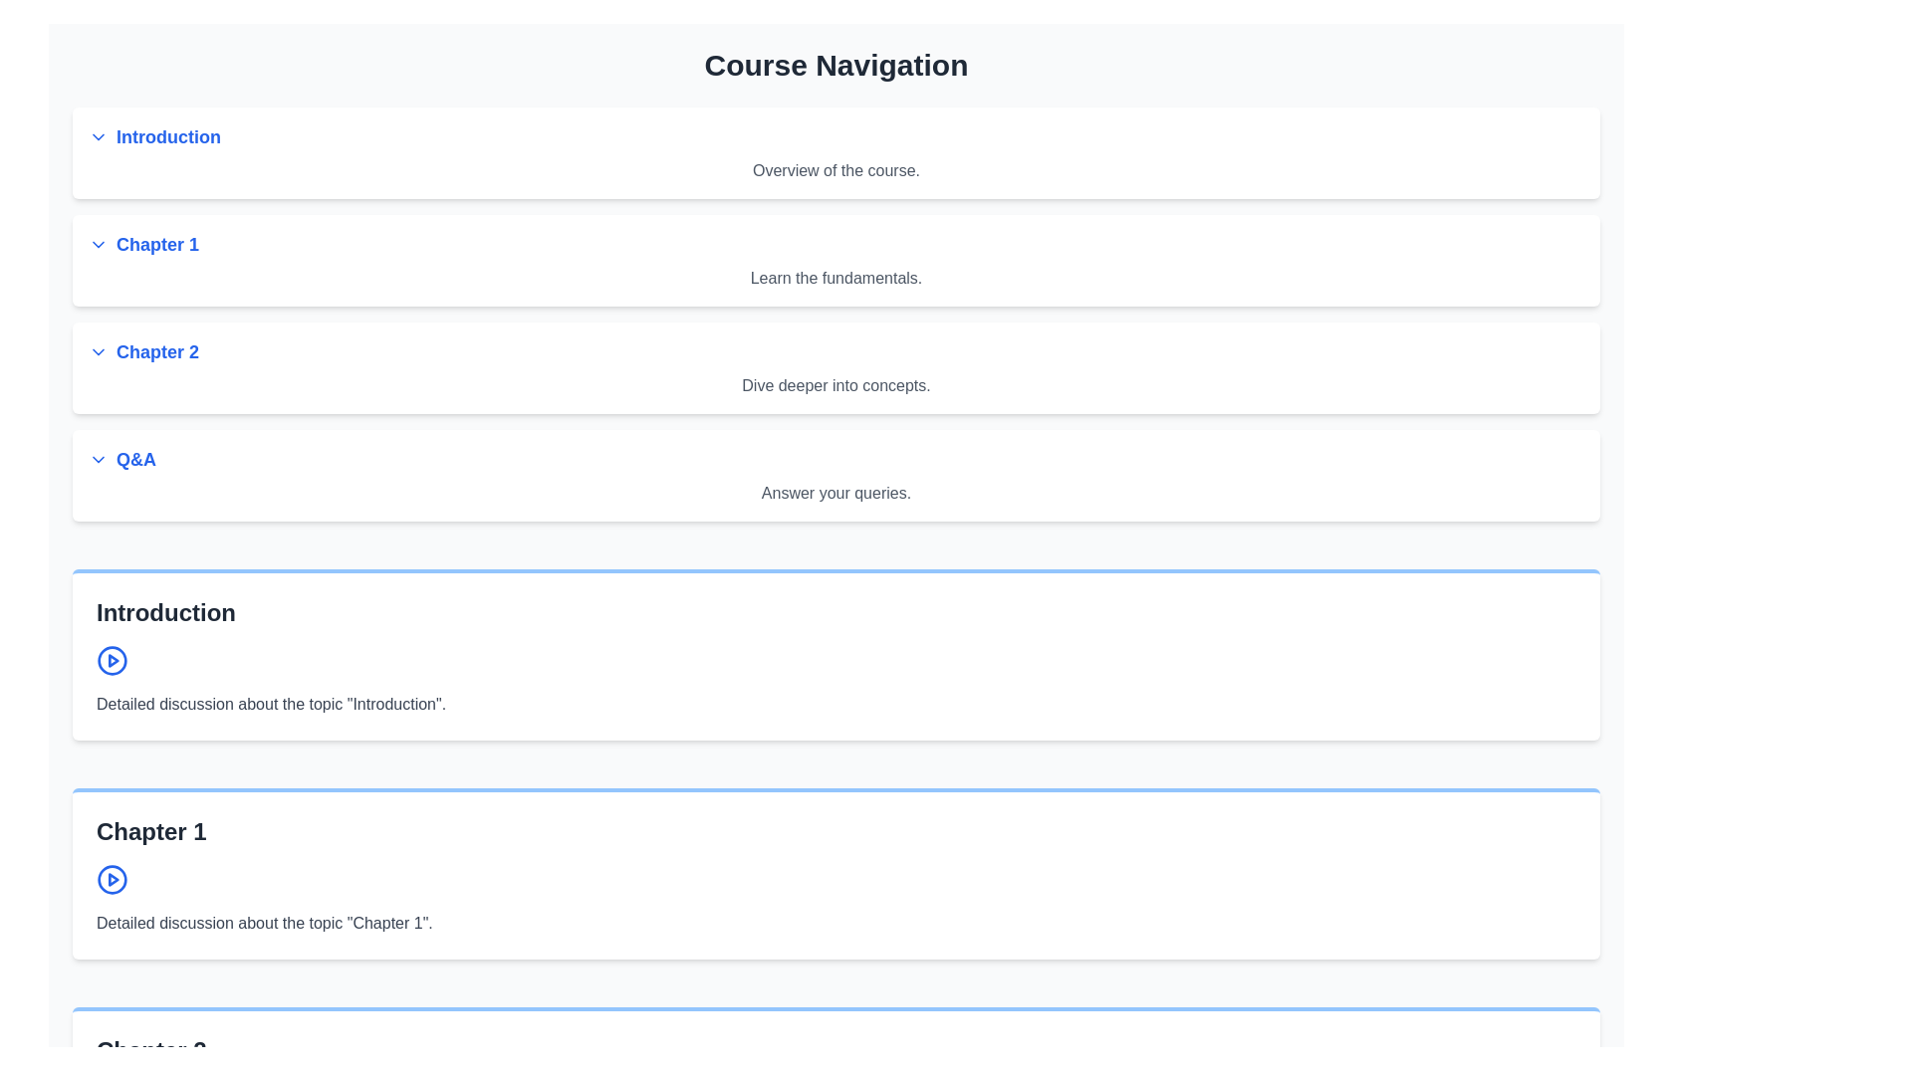 This screenshot has width=1912, height=1075. What do you see at coordinates (98, 244) in the screenshot?
I see `the chevron-down icon located to the left of the 'Chapter 1' text label` at bounding box center [98, 244].